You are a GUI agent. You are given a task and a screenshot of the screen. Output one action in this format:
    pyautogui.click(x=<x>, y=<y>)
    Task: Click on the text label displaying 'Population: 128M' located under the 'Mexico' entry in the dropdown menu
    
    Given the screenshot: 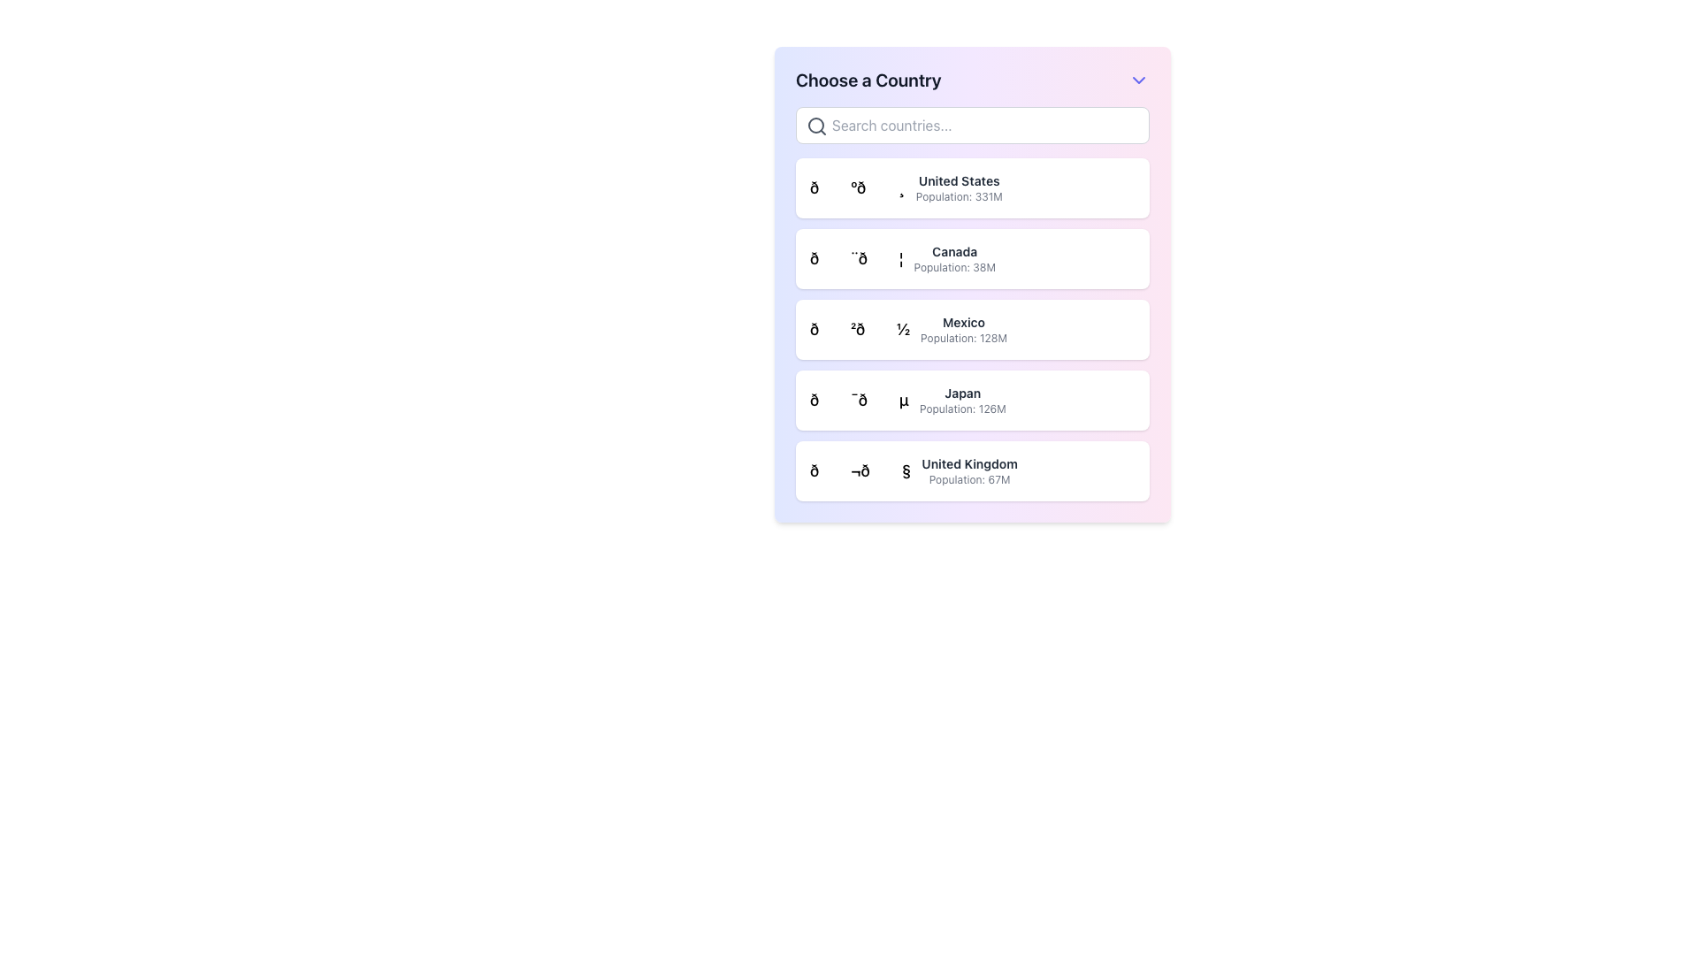 What is the action you would take?
    pyautogui.click(x=962, y=338)
    